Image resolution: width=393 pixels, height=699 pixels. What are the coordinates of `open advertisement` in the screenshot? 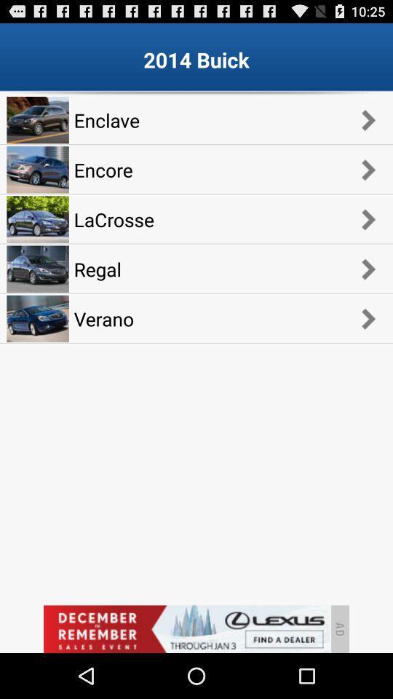 It's located at (186, 628).